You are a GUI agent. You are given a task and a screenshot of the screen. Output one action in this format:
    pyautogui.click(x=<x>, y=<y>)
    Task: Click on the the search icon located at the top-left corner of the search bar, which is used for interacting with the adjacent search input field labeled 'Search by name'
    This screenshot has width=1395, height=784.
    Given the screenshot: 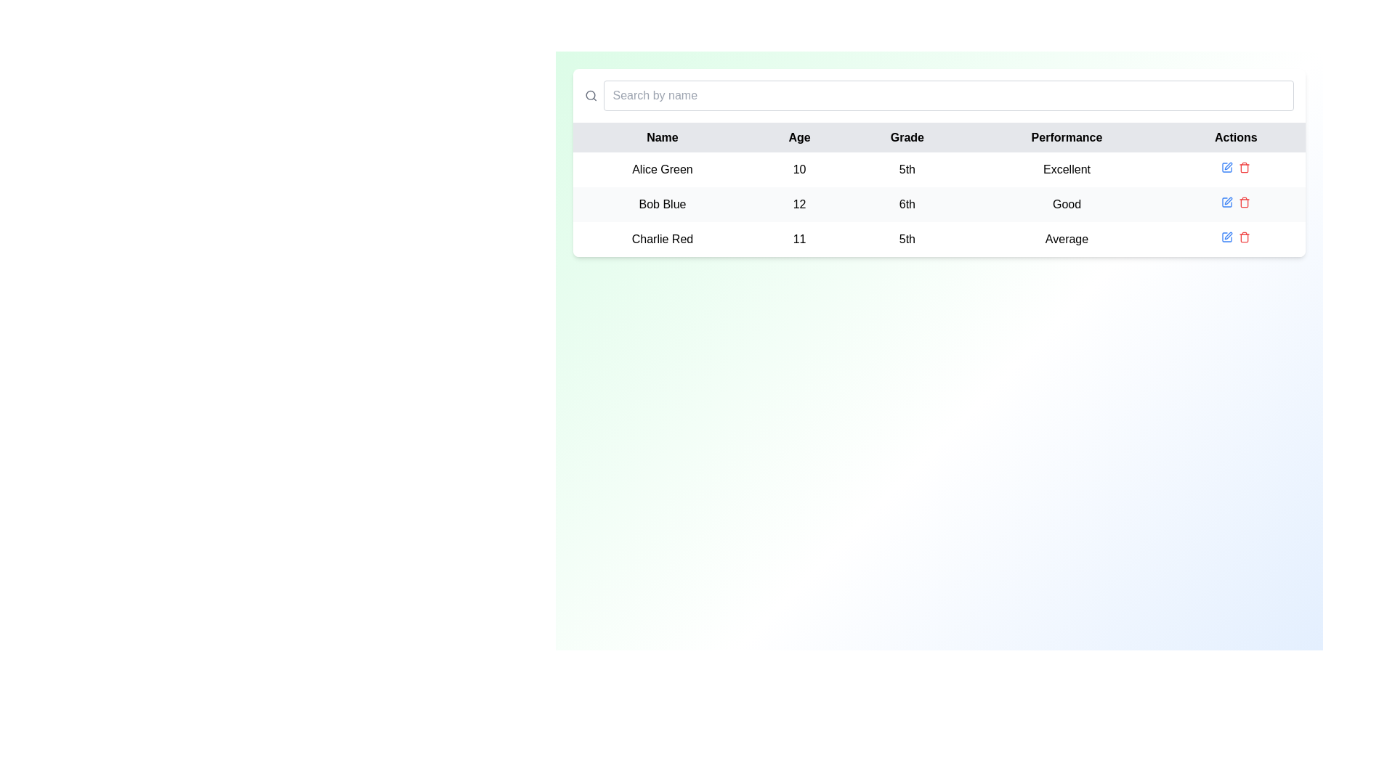 What is the action you would take?
    pyautogui.click(x=591, y=95)
    